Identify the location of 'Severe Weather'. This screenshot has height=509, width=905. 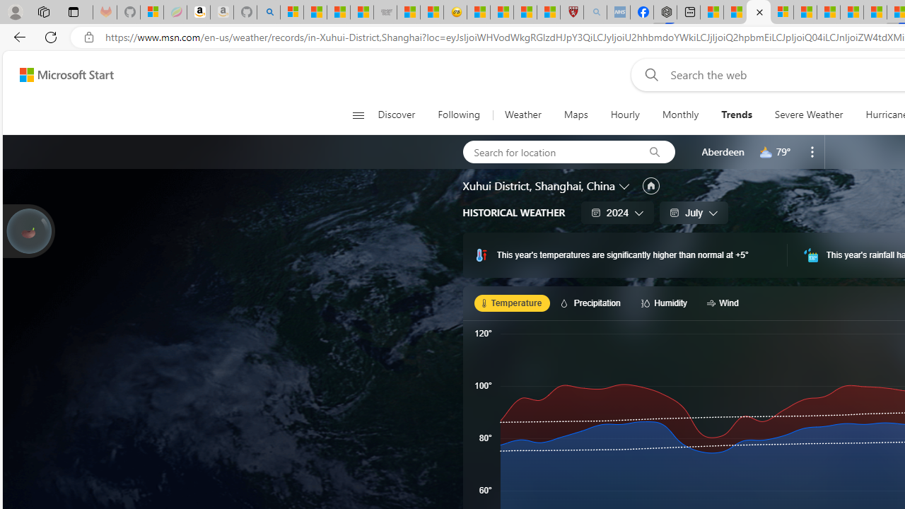
(808, 115).